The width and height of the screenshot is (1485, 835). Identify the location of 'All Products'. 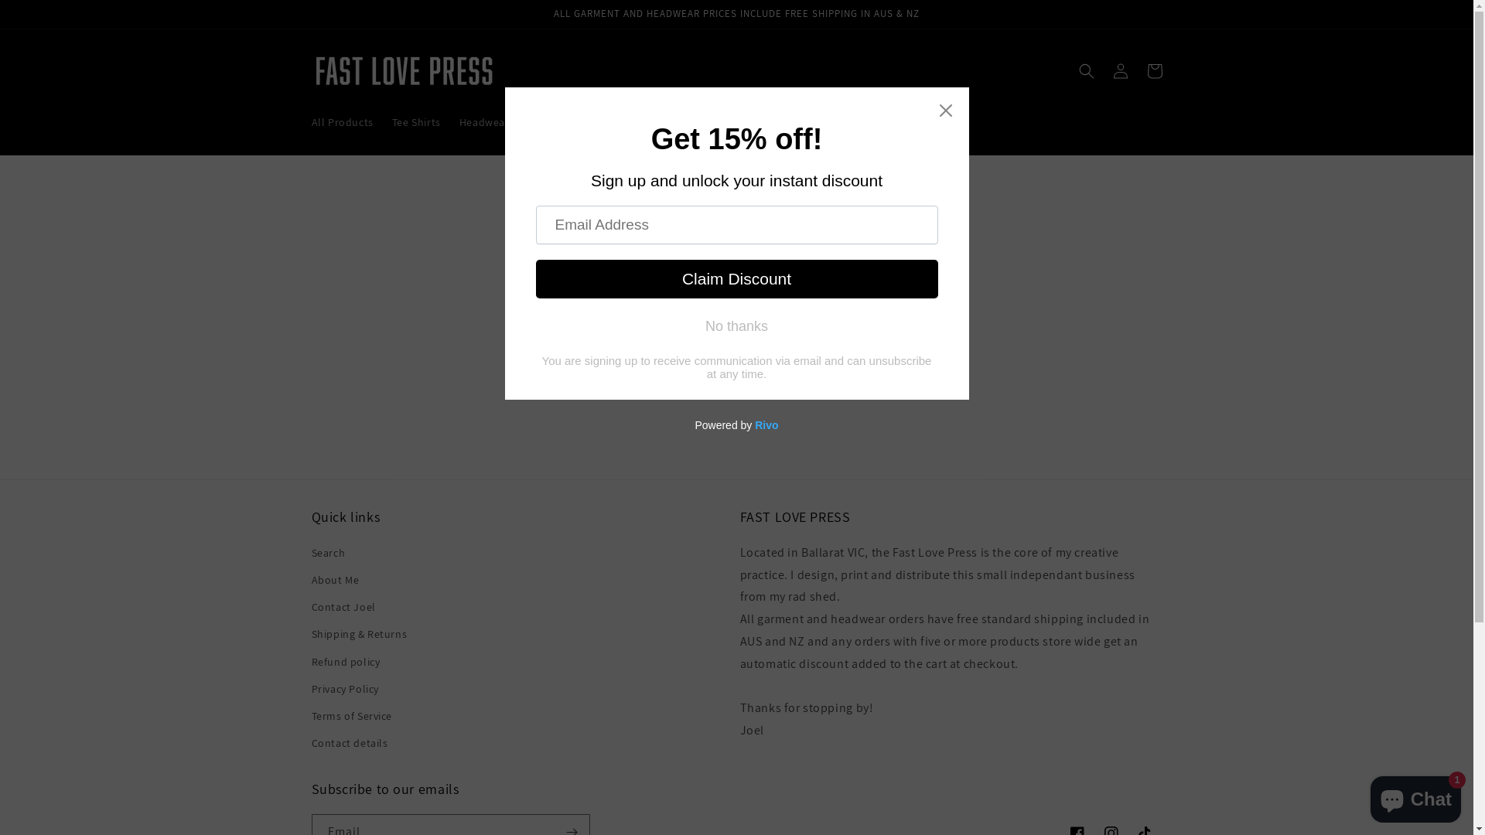
(301, 121).